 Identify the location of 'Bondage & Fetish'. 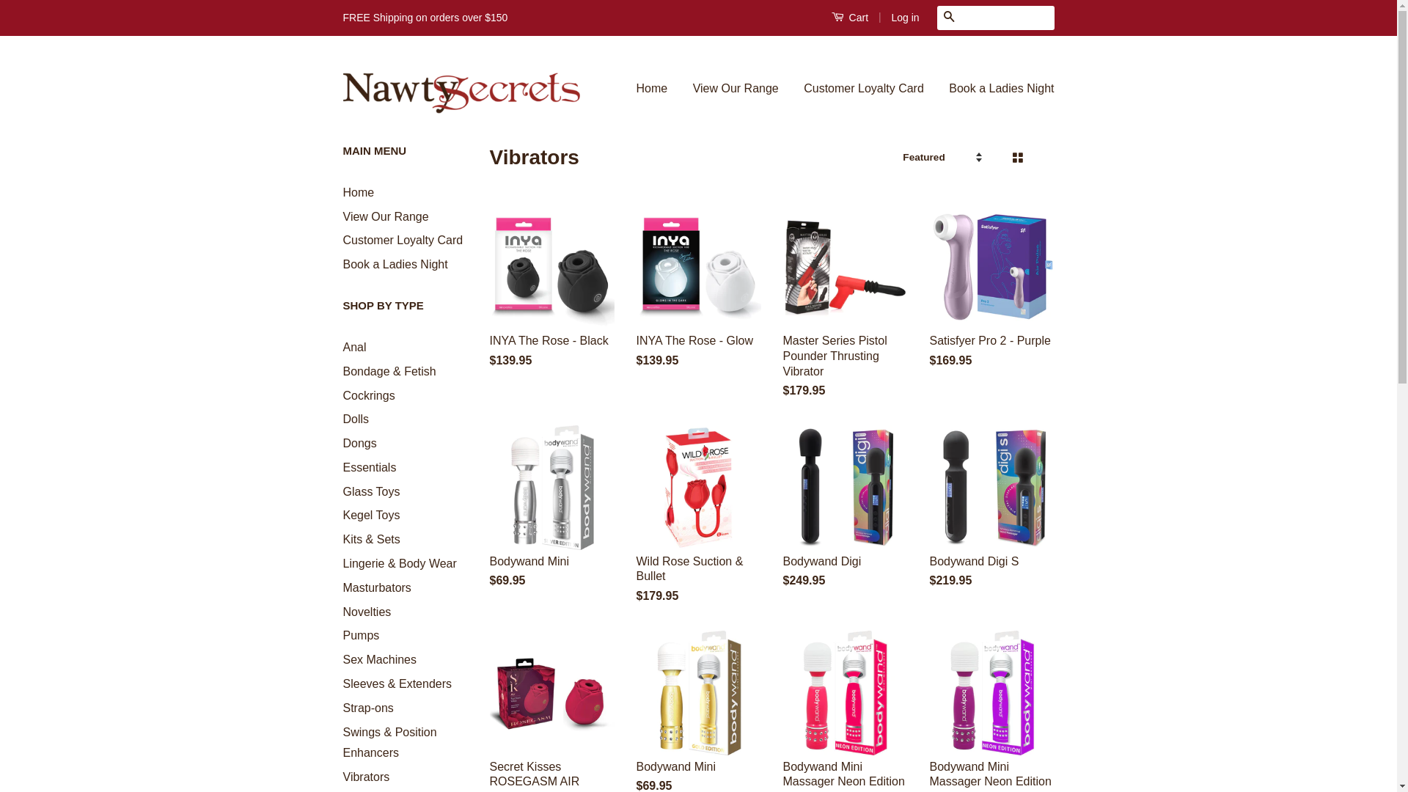
(389, 370).